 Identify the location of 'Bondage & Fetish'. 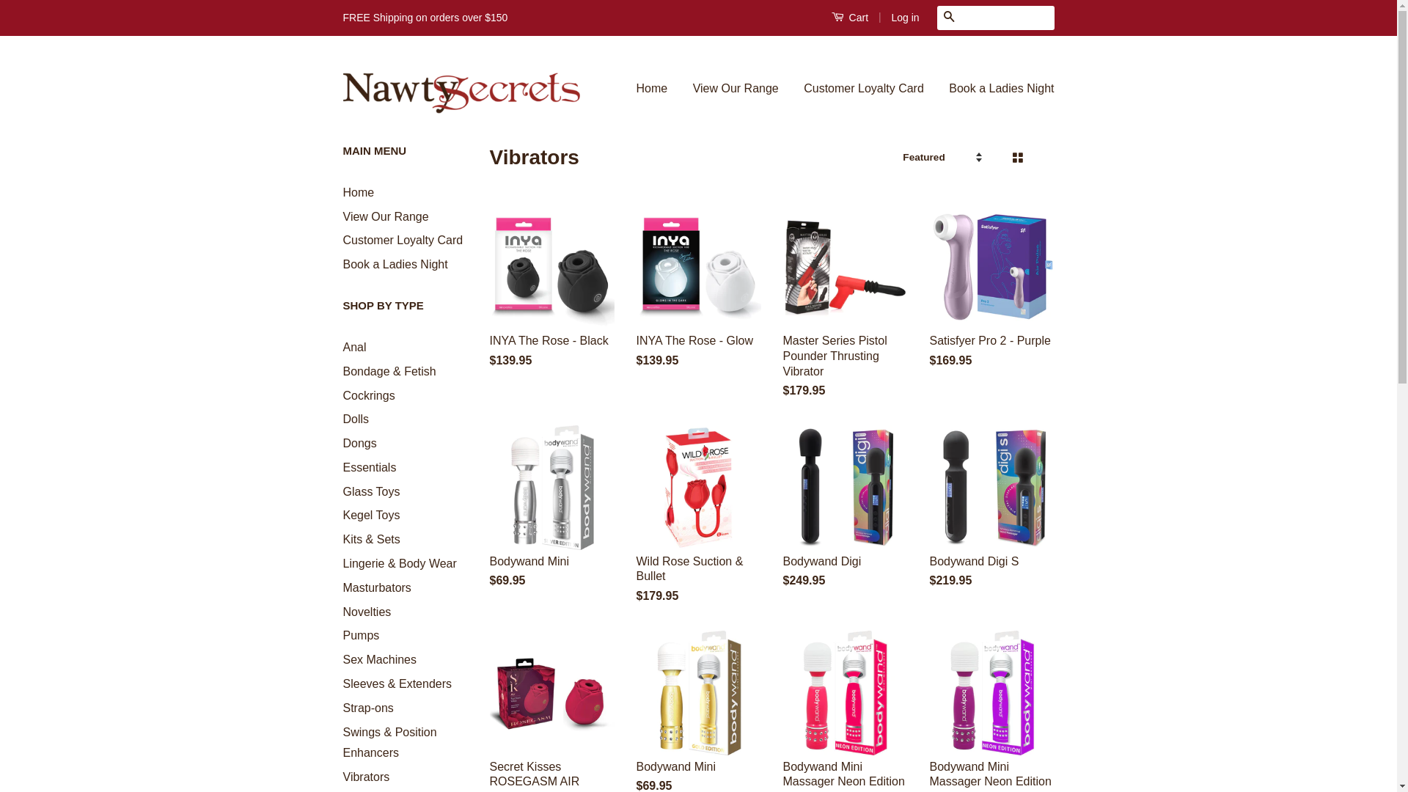
(389, 370).